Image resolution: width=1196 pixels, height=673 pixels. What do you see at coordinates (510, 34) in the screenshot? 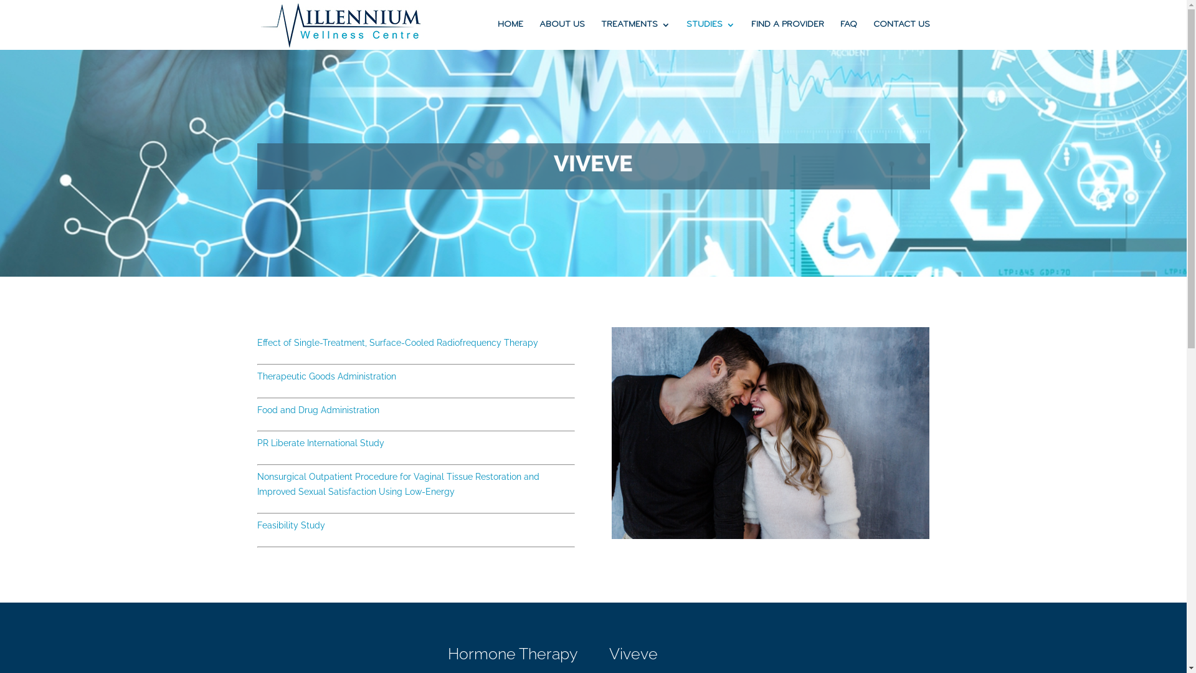
I see `'HOME'` at bounding box center [510, 34].